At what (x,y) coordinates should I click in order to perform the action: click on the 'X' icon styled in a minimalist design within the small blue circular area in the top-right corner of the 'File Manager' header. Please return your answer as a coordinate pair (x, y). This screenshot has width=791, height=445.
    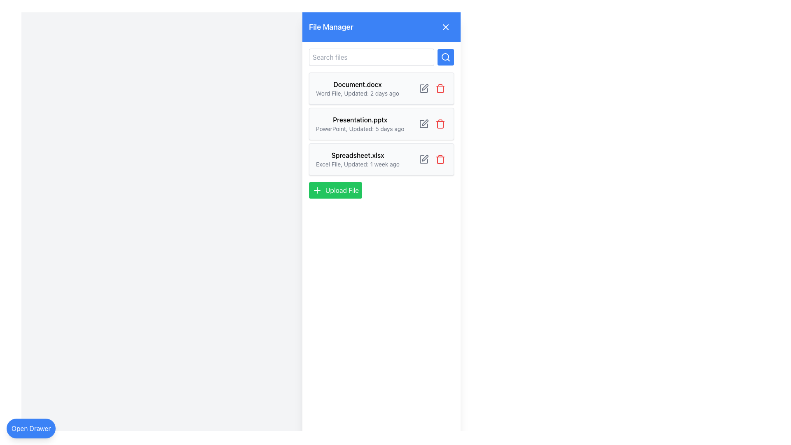
    Looking at the image, I should click on (445, 26).